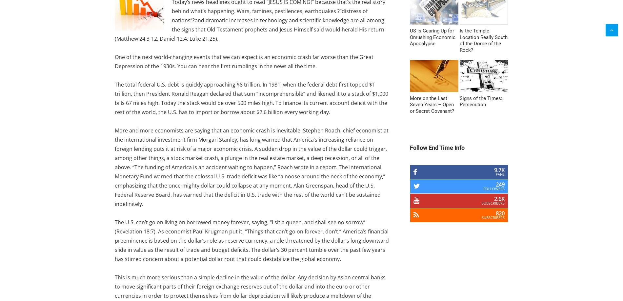 Image resolution: width=623 pixels, height=301 pixels. Describe the element at coordinates (483, 188) in the screenshot. I see `'Followers'` at that location.